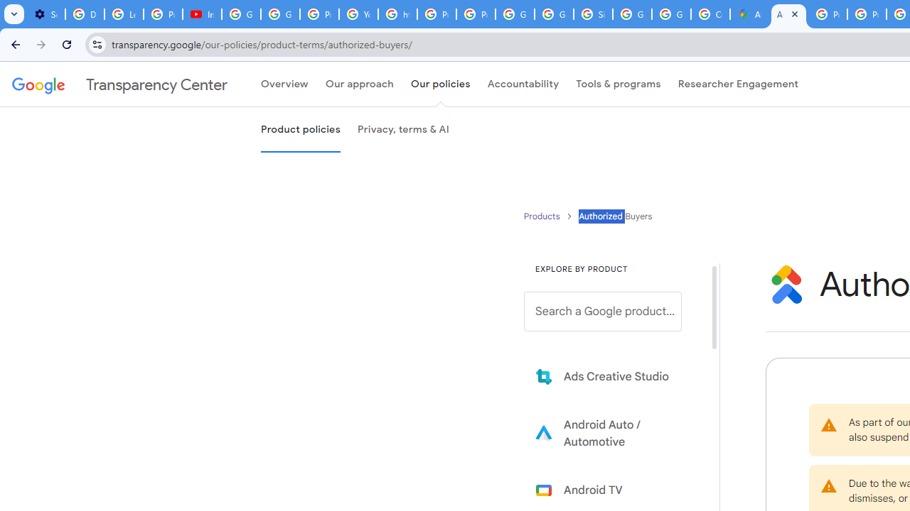  I want to click on 'Overview', so click(284, 84).